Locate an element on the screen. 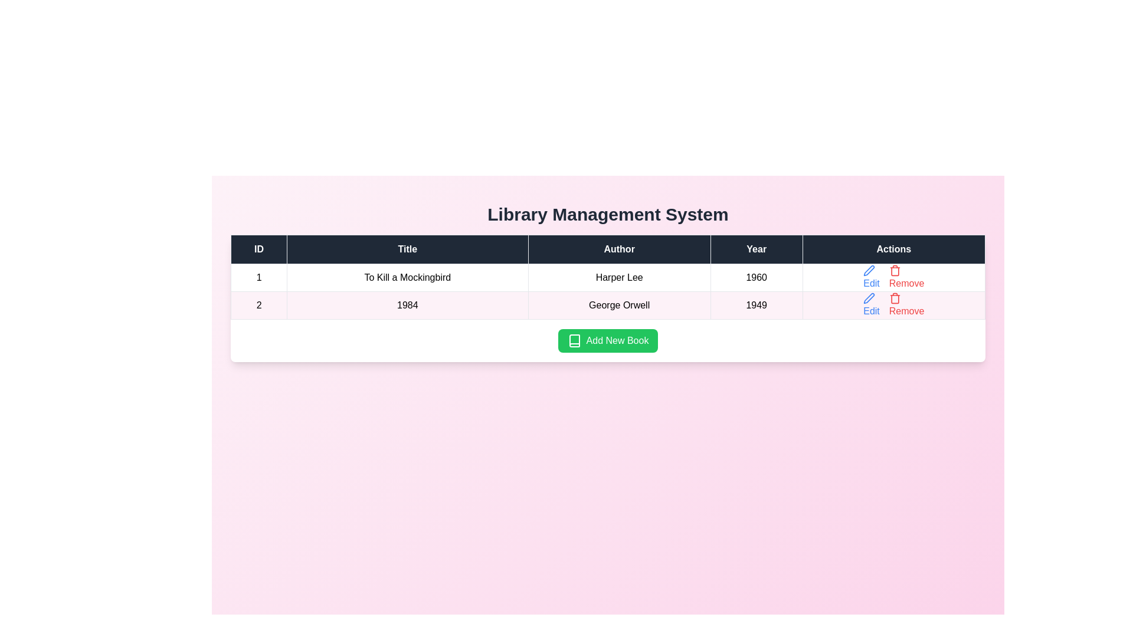 Image resolution: width=1133 pixels, height=637 pixels. the edit button located under the 'Actions' column of the second row in the table is located at coordinates (872, 277).